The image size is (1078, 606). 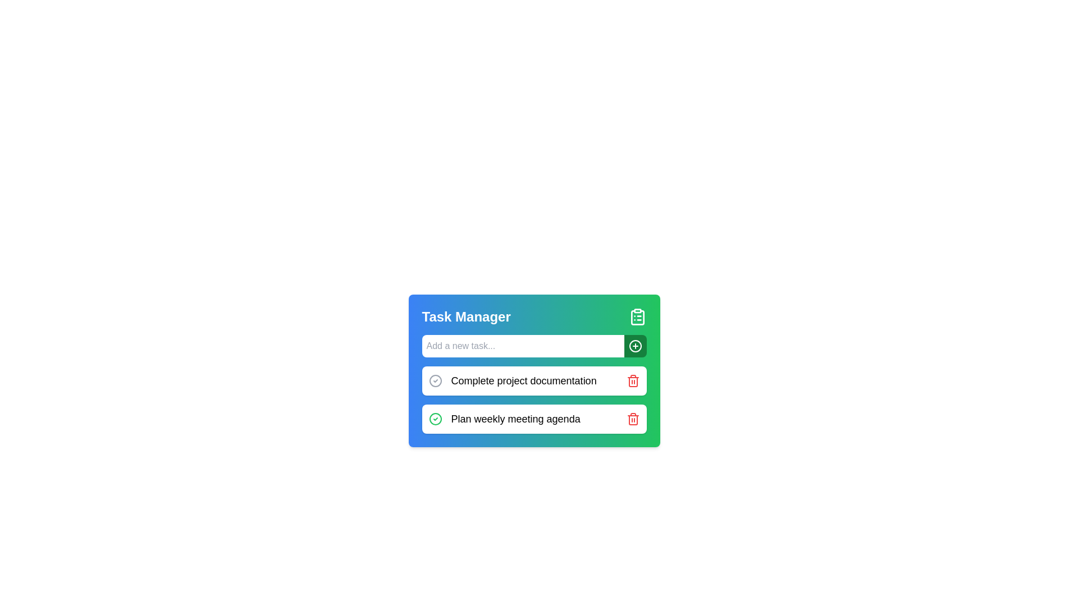 What do you see at coordinates (533, 380) in the screenshot?
I see `to select the task item labeled 'Complete project documentation' in the Task Manager interface` at bounding box center [533, 380].